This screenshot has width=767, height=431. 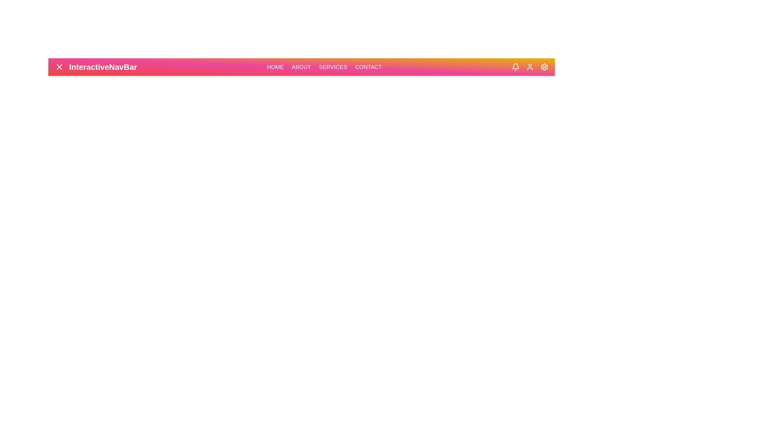 I want to click on the navigation link corresponding to About, so click(x=301, y=67).